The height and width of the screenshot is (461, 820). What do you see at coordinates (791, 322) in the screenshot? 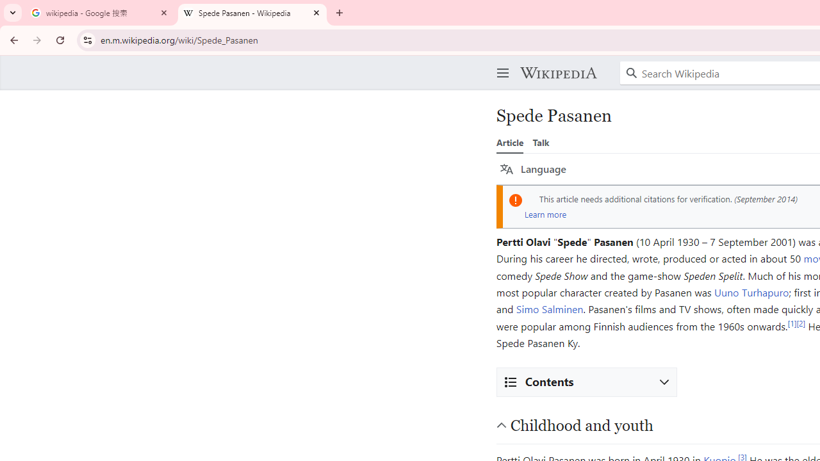
I see `'[1]'` at bounding box center [791, 322].